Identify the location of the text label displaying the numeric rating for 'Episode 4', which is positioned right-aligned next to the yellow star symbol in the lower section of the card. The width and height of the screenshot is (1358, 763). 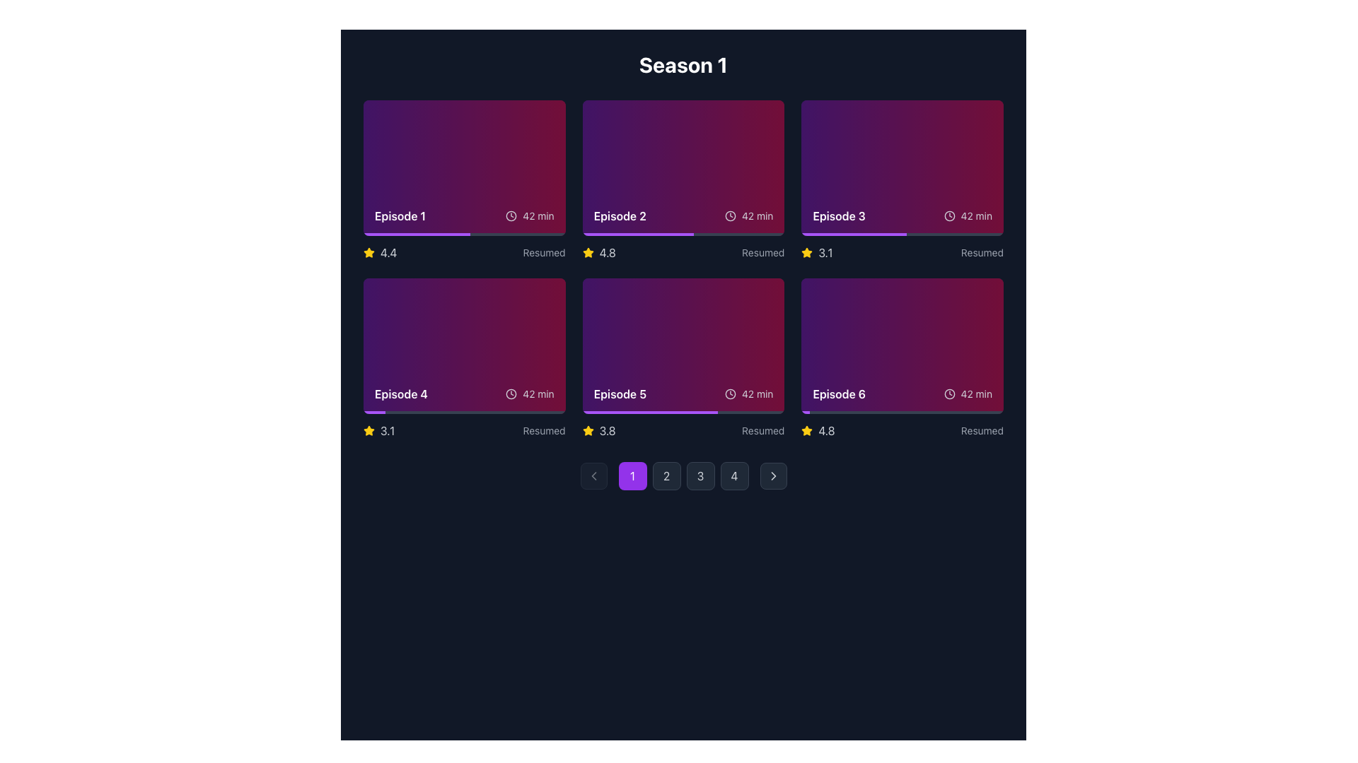
(388, 430).